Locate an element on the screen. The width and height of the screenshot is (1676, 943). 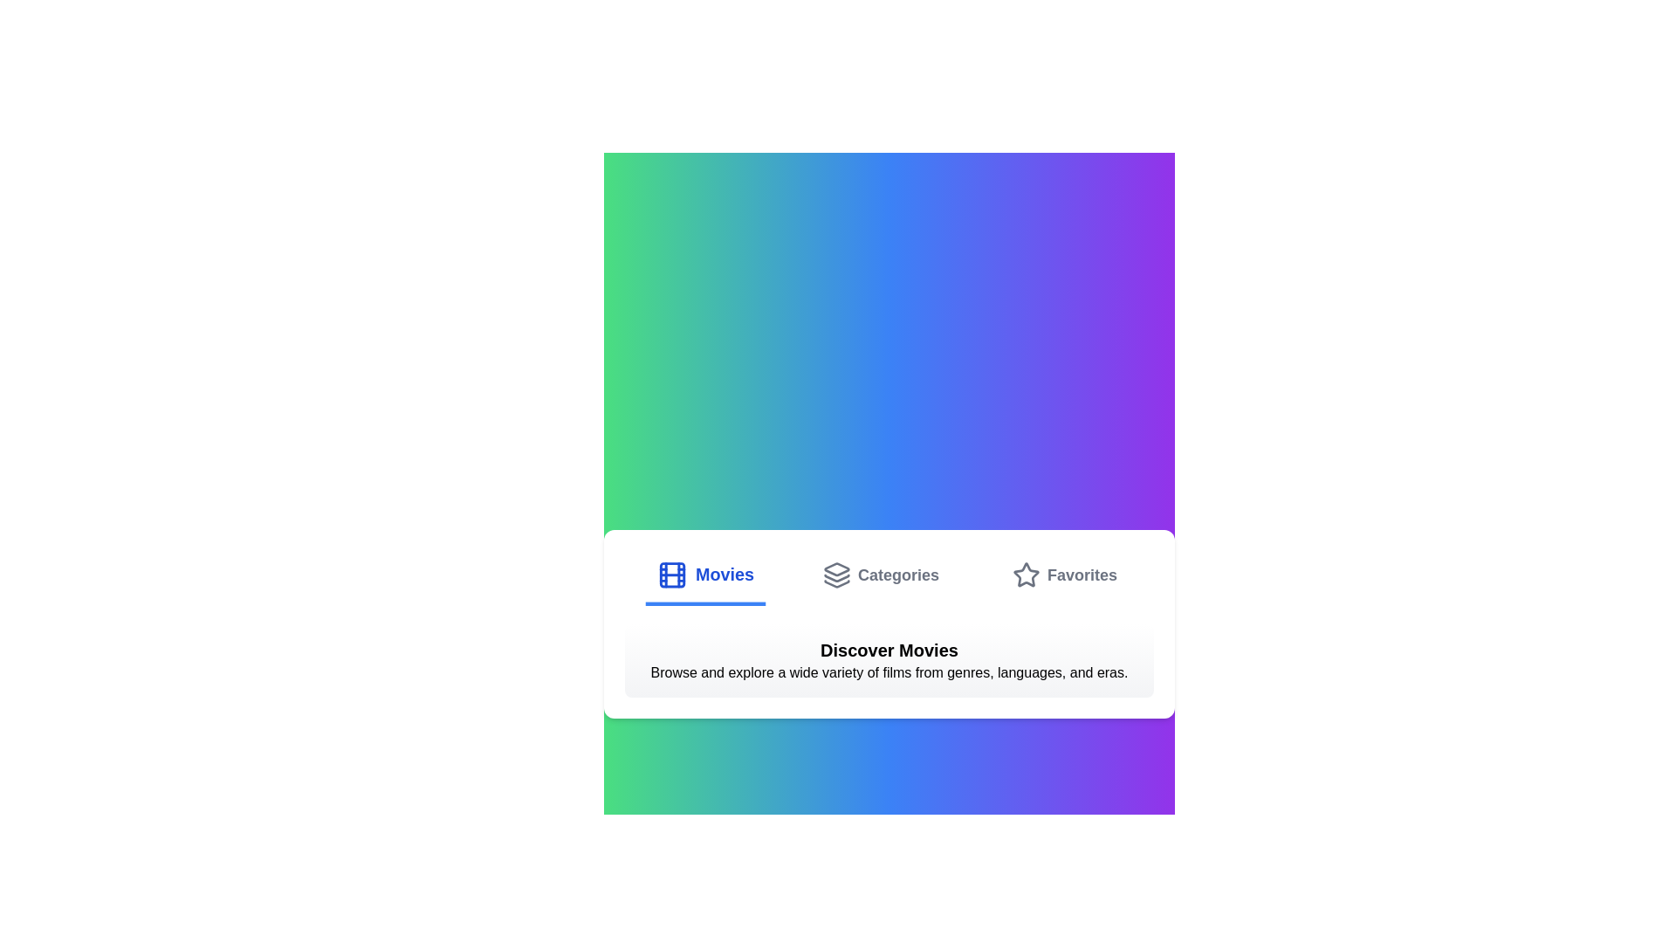
the Movies tab is located at coordinates (704, 576).